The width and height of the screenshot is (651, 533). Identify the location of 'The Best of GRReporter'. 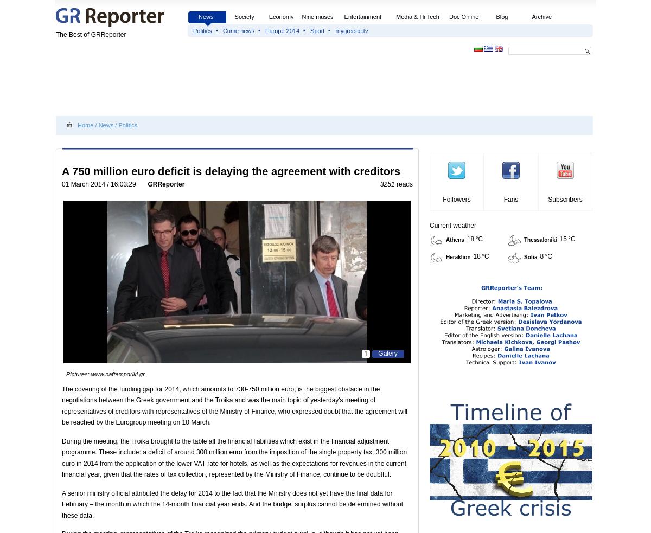
(90, 34).